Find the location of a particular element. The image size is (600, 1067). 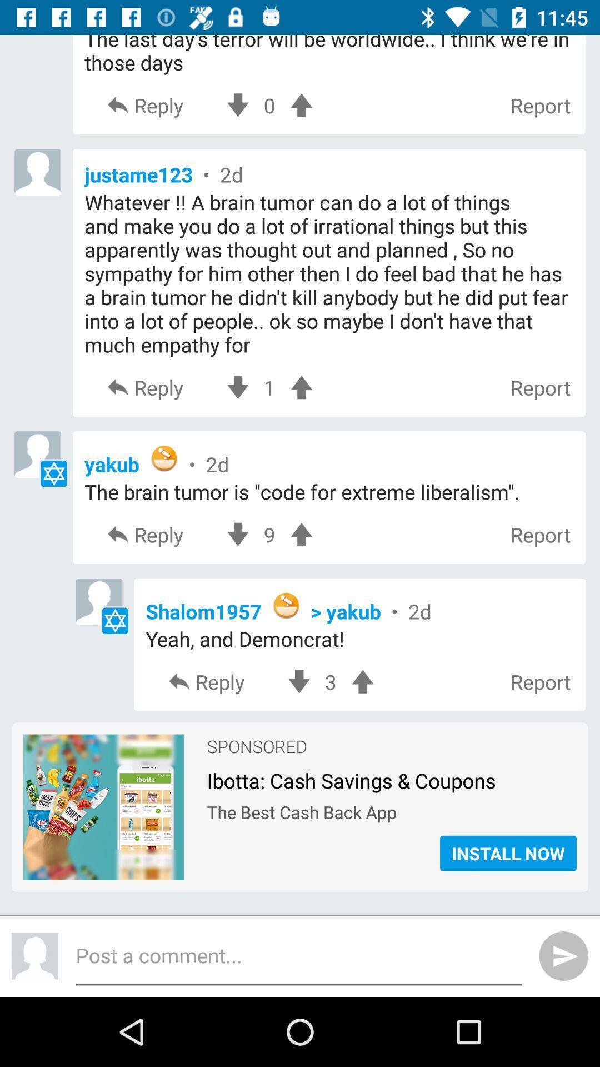

the send icon is located at coordinates (563, 955).